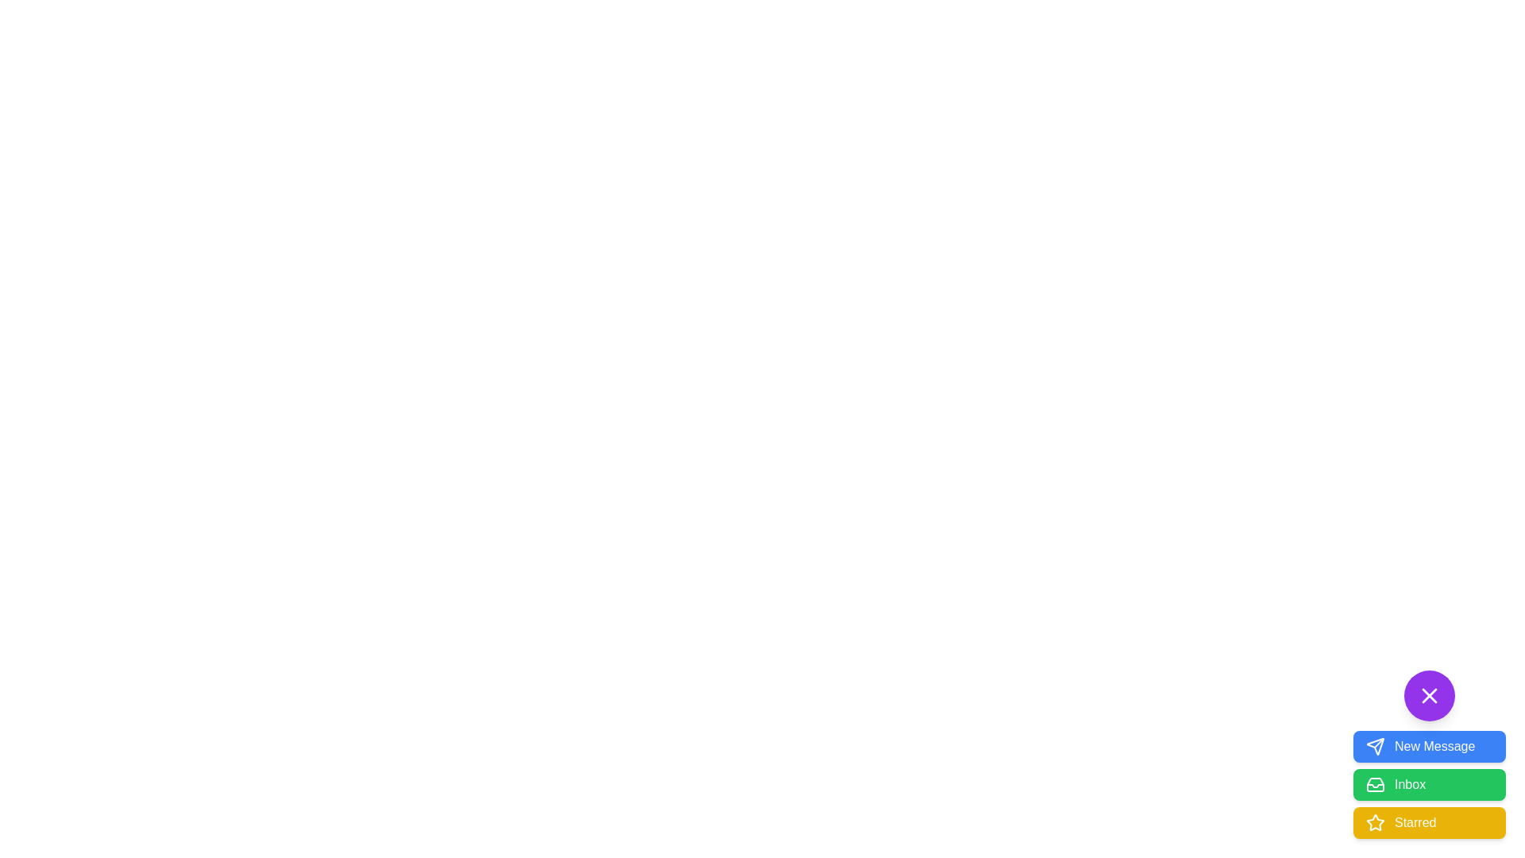  What do you see at coordinates (1430, 694) in the screenshot?
I see `the circular button with a purple background and a white 'X' icon located at the bottom-right corner of the interface` at bounding box center [1430, 694].